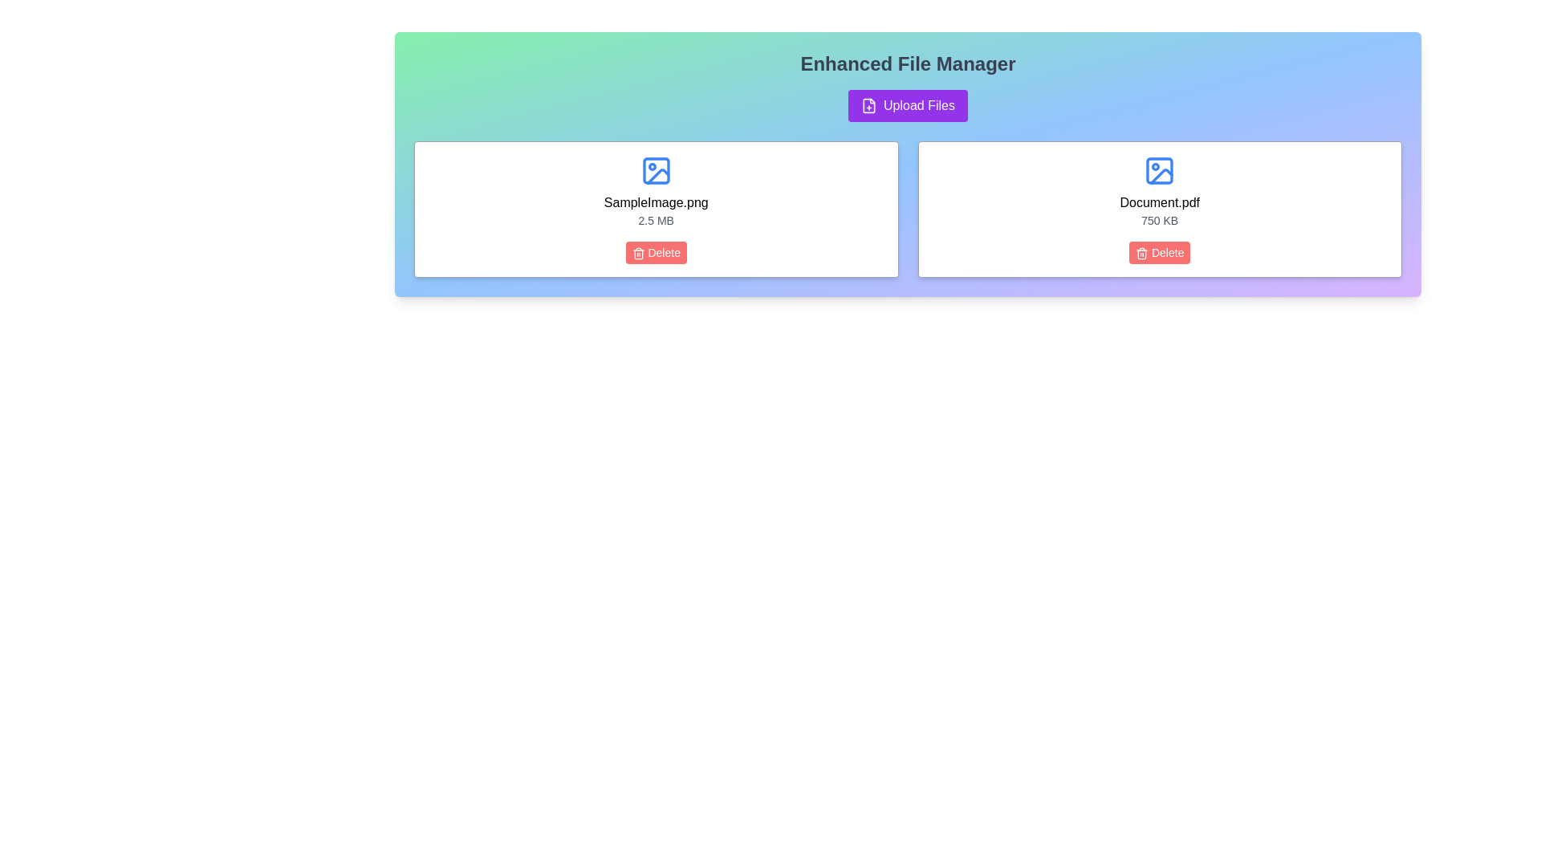 The height and width of the screenshot is (867, 1541). I want to click on the delete button located at the lower section of the card for 'Document.pdf', so click(1160, 253).